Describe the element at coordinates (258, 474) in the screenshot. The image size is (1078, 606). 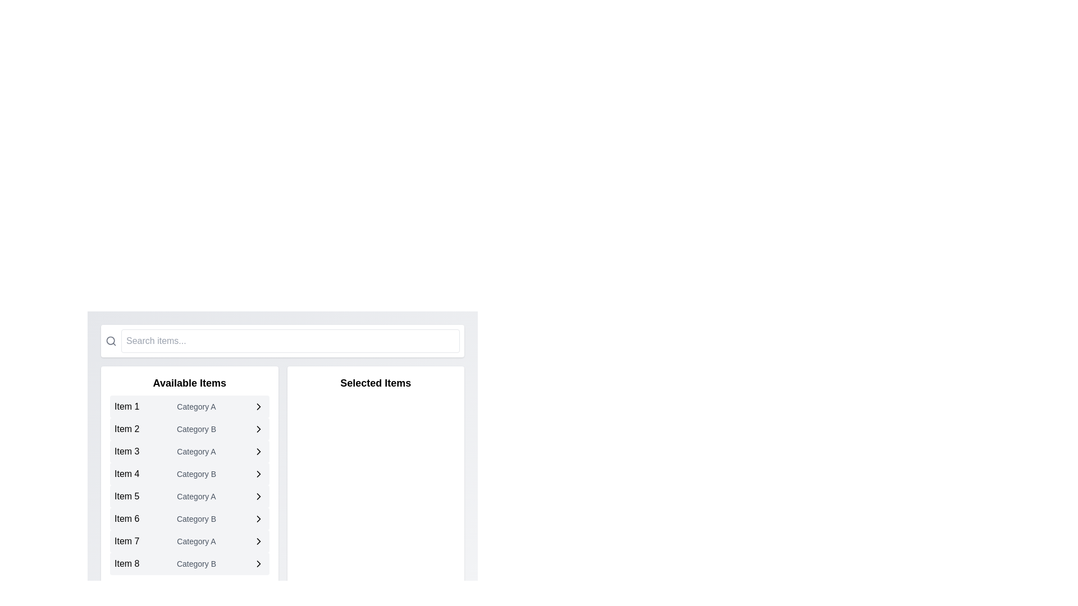
I see `the rightward-pointing chevron icon located in the fourth row of the left-hand column under the 'Available Items' section, after the text 'Category B'` at that location.